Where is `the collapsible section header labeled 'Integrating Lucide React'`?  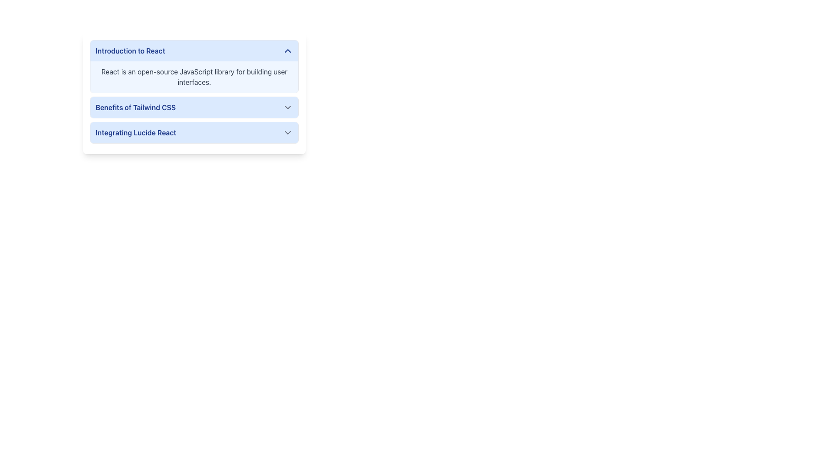 the collapsible section header labeled 'Integrating Lucide React' is located at coordinates (194, 132).